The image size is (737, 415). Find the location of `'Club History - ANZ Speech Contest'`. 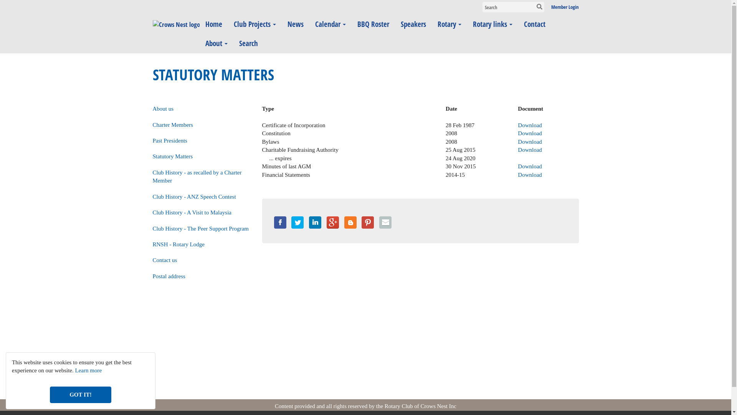

'Club History - ANZ Speech Contest' is located at coordinates (194, 196).